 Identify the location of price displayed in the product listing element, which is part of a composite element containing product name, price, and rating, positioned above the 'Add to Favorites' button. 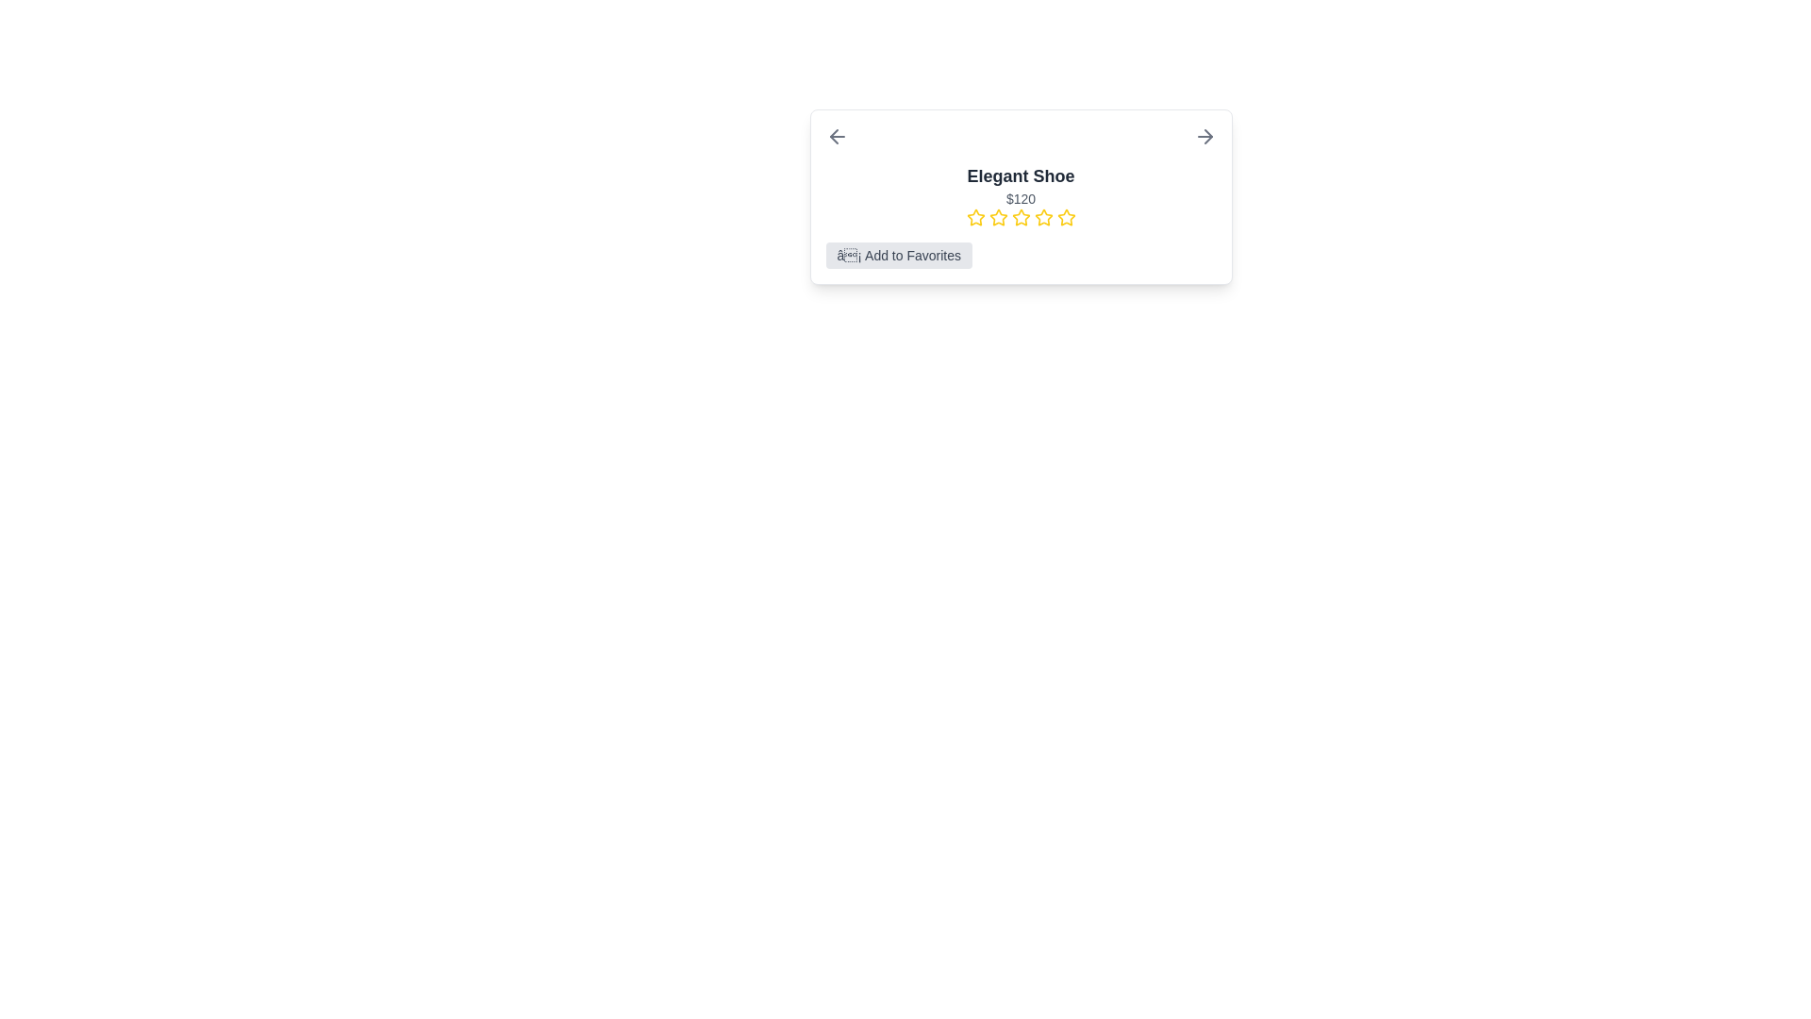
(1020, 195).